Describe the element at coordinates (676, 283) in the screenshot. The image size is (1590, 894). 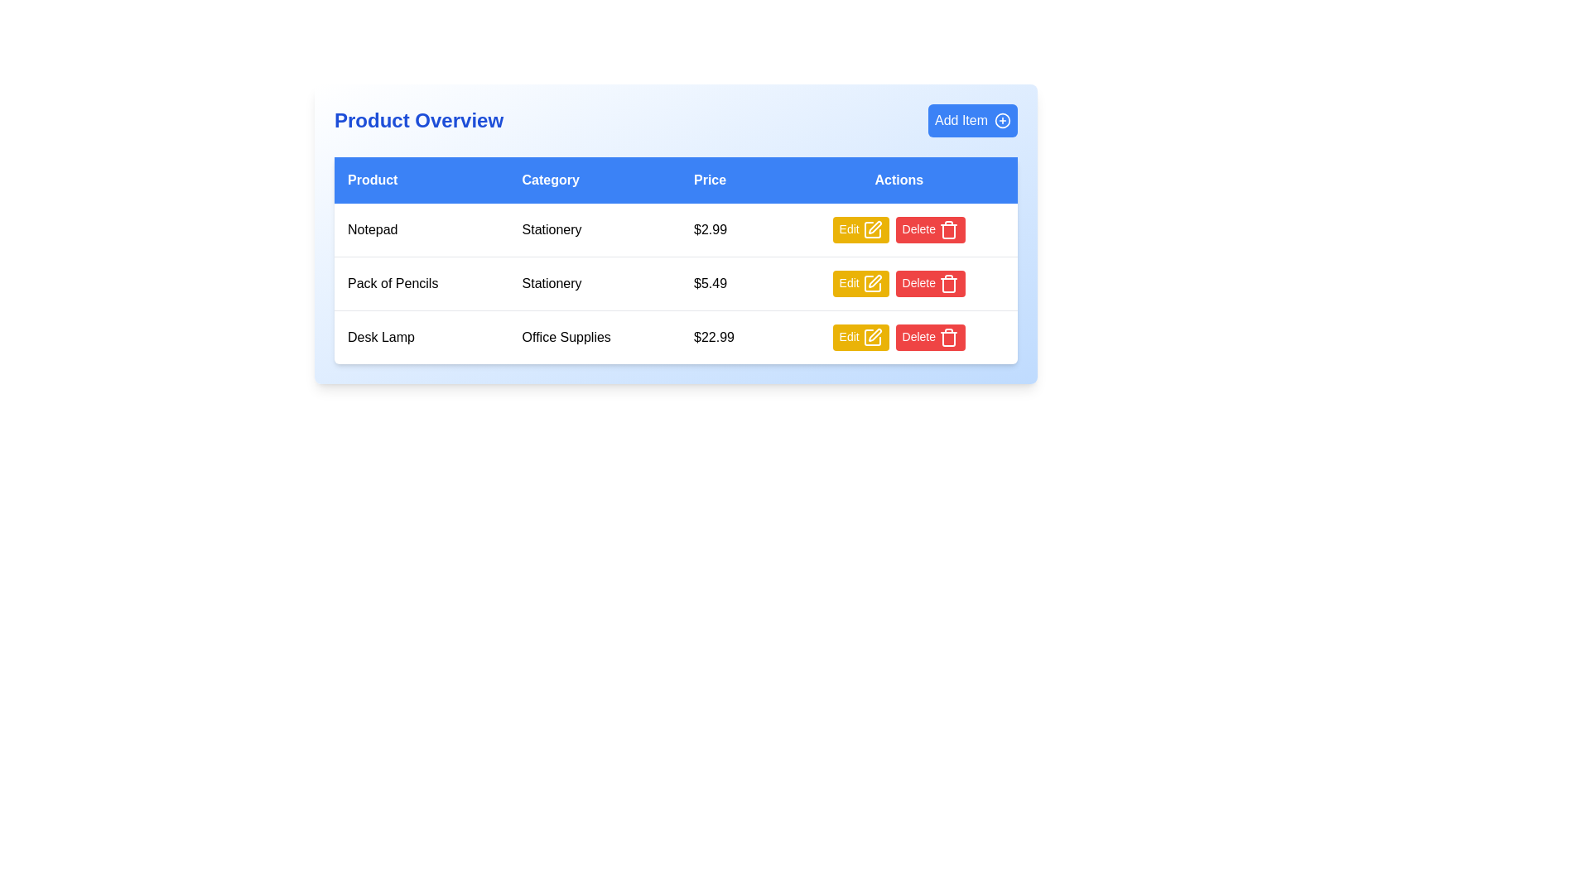
I see `the second product row in the 'Product Overview' table that details 'Pack of Pencils' for further actions` at that location.